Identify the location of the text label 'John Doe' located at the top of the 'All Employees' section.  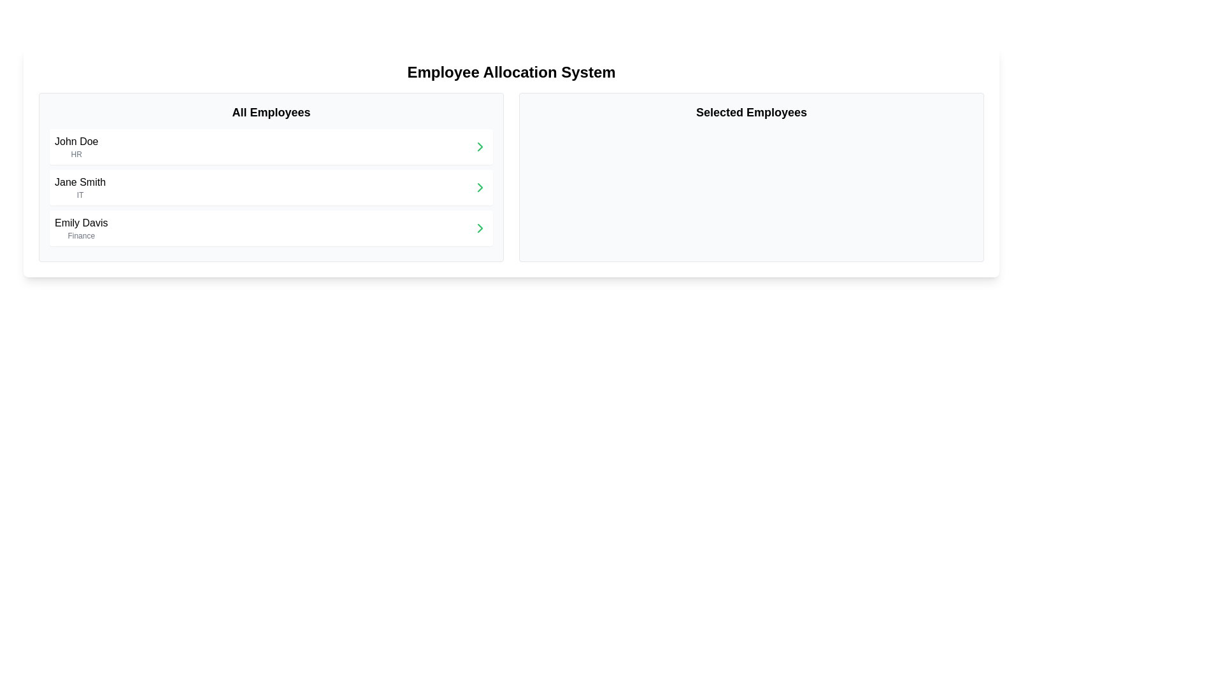
(76, 142).